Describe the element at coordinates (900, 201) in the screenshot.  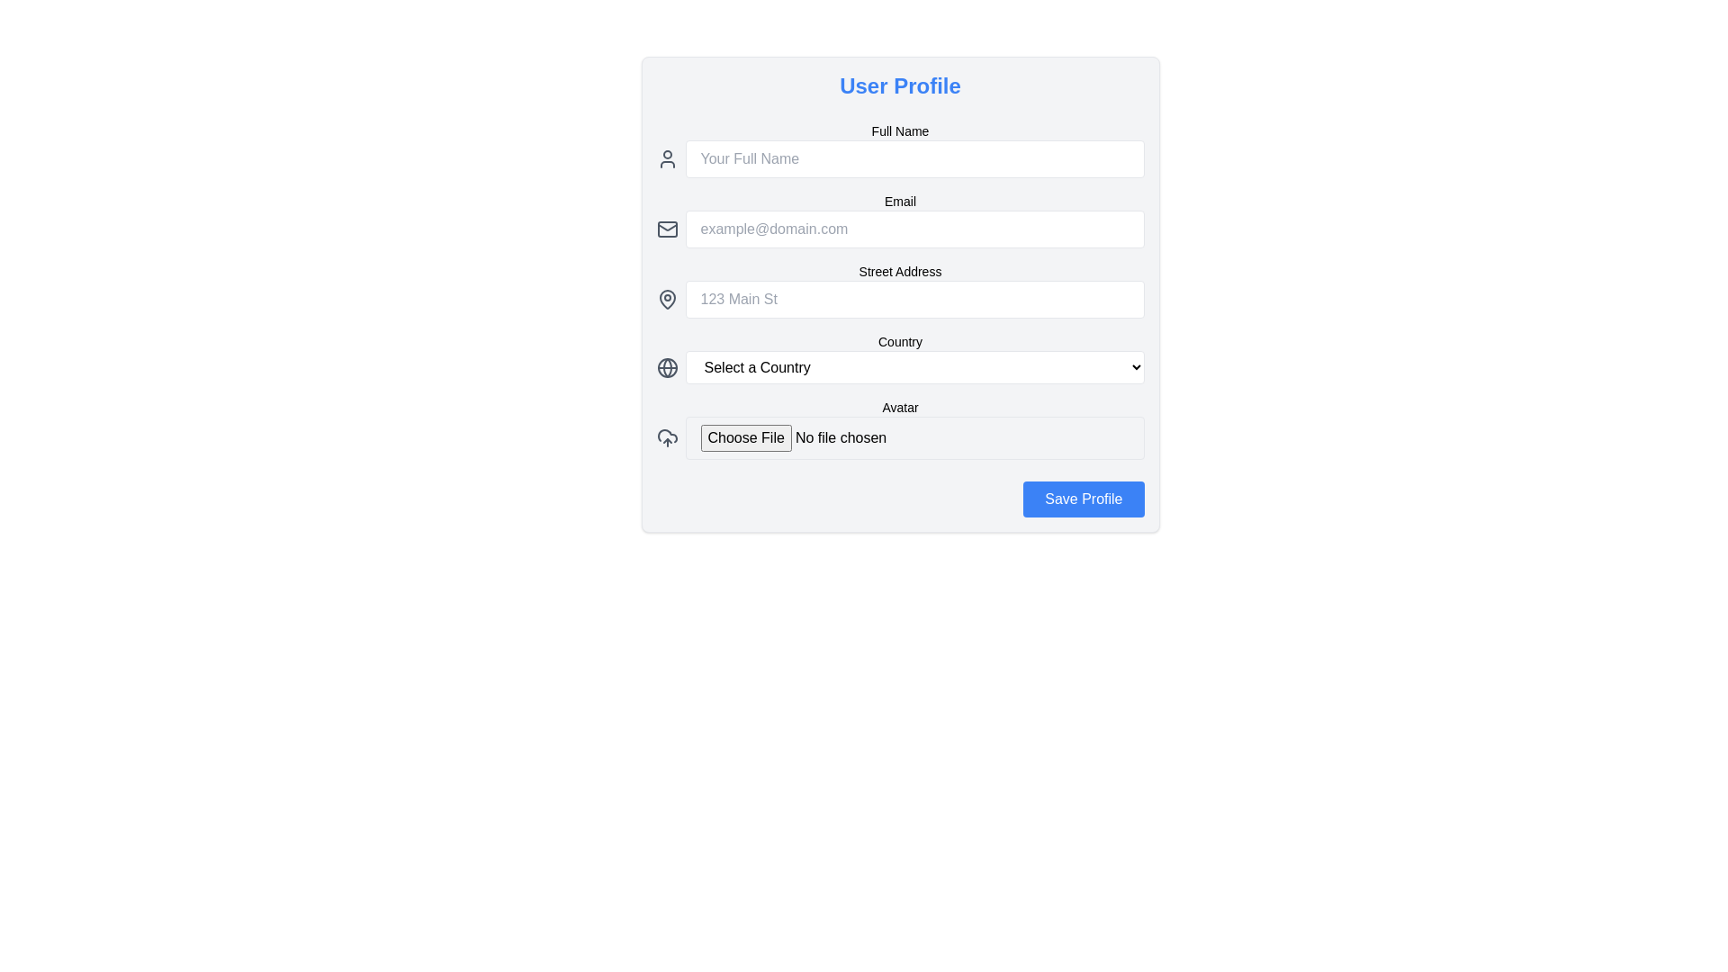
I see `the 'Email' label text, which is positioned above the email input field and to the right of the email icon` at that location.